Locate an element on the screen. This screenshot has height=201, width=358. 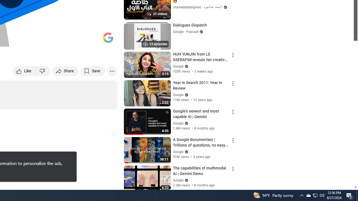
'Share' is located at coordinates (65, 71).